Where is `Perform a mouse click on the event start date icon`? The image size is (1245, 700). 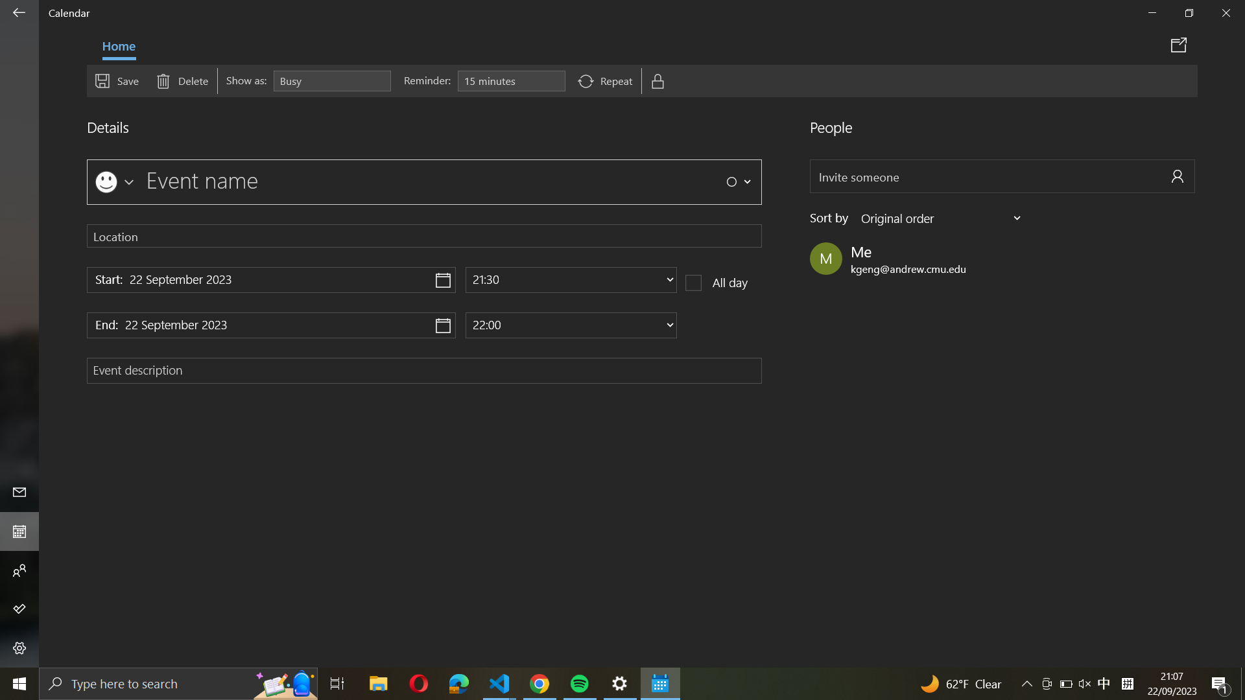
Perform a mouse click on the event start date icon is located at coordinates (270, 279).